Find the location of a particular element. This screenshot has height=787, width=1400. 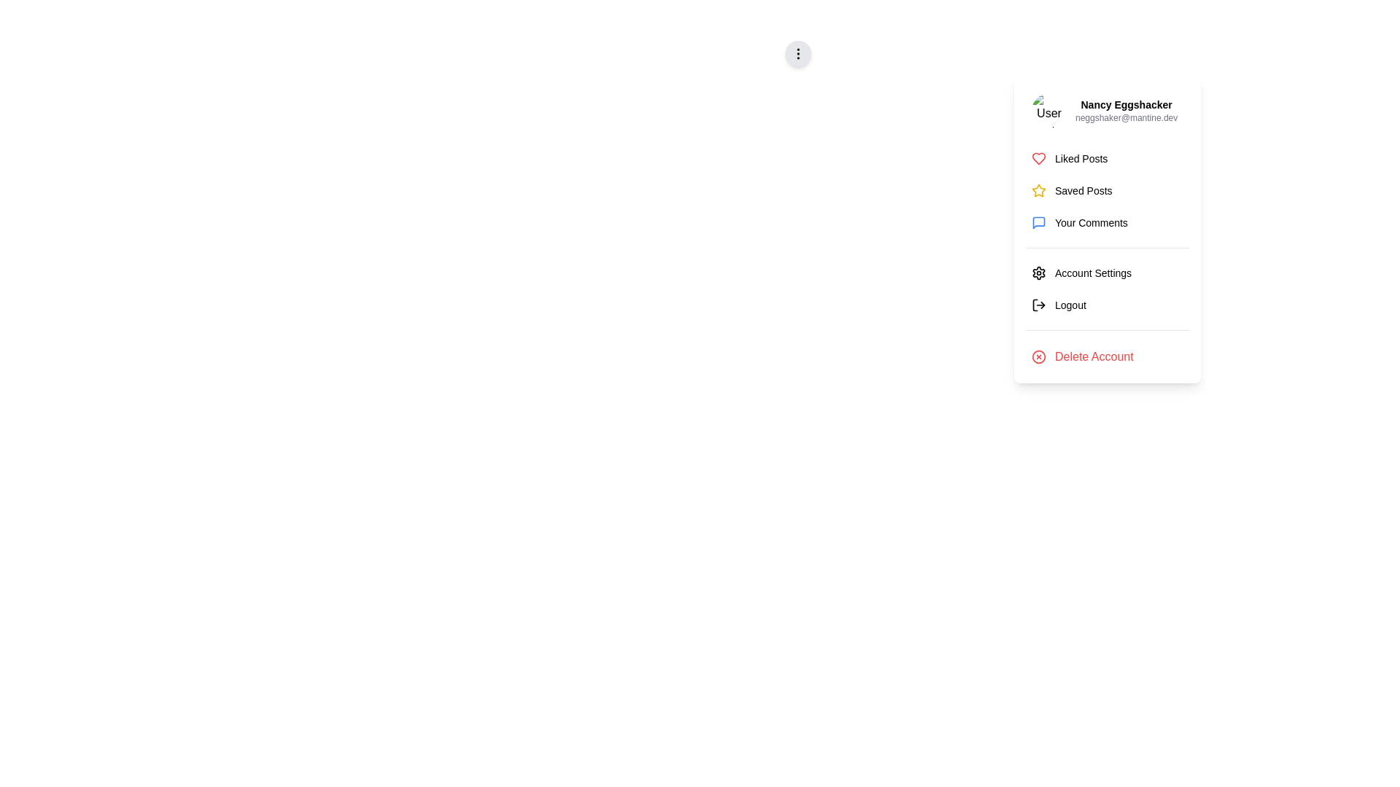

the delete icon located to the left of the 'Delete Account' label at the bottom of the vertical menu is located at coordinates (1038, 356).